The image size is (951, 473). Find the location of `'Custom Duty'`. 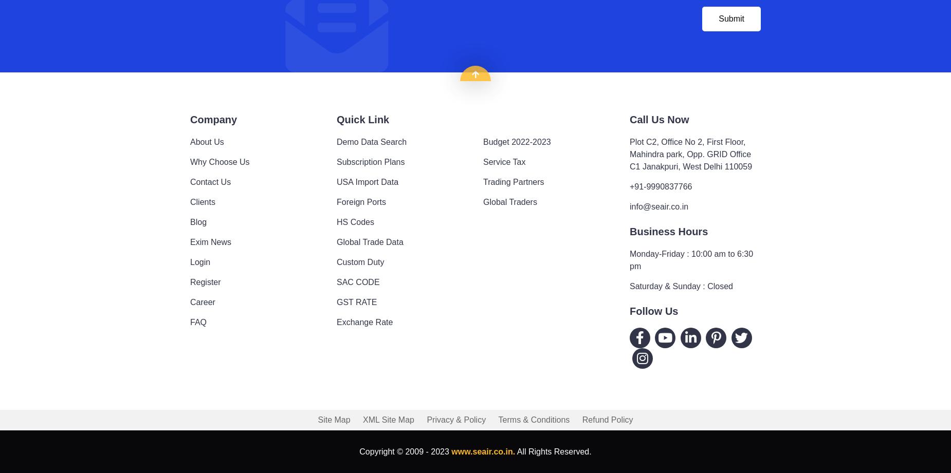

'Custom Duty' is located at coordinates (337, 261).